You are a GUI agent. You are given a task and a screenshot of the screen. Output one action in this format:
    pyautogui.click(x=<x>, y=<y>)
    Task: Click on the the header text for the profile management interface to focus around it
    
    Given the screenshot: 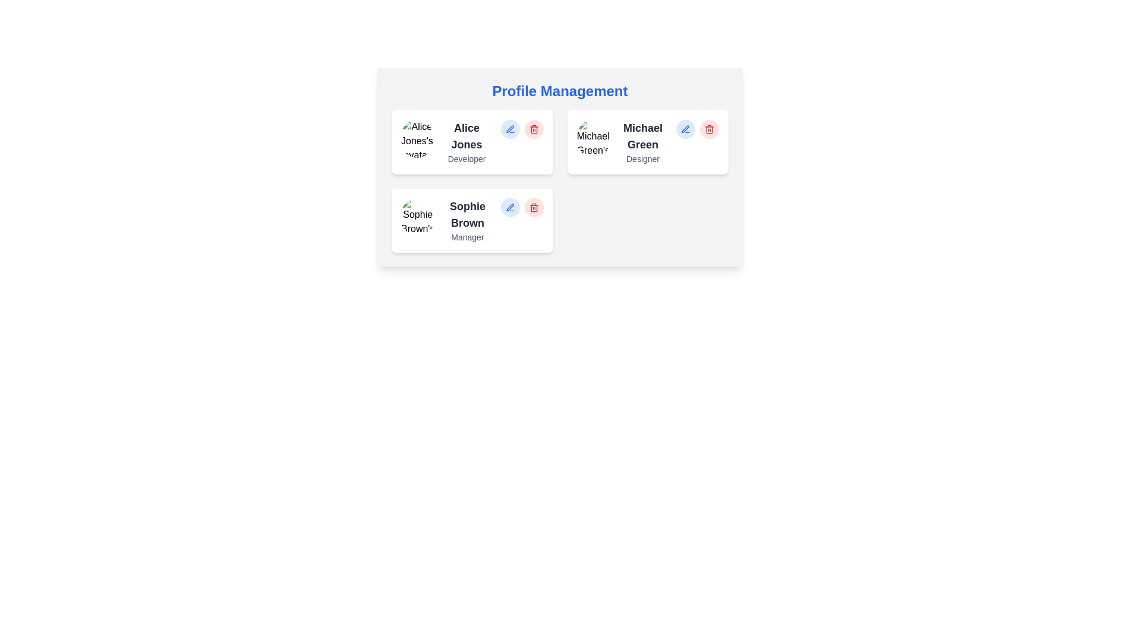 What is the action you would take?
    pyautogui.click(x=559, y=91)
    